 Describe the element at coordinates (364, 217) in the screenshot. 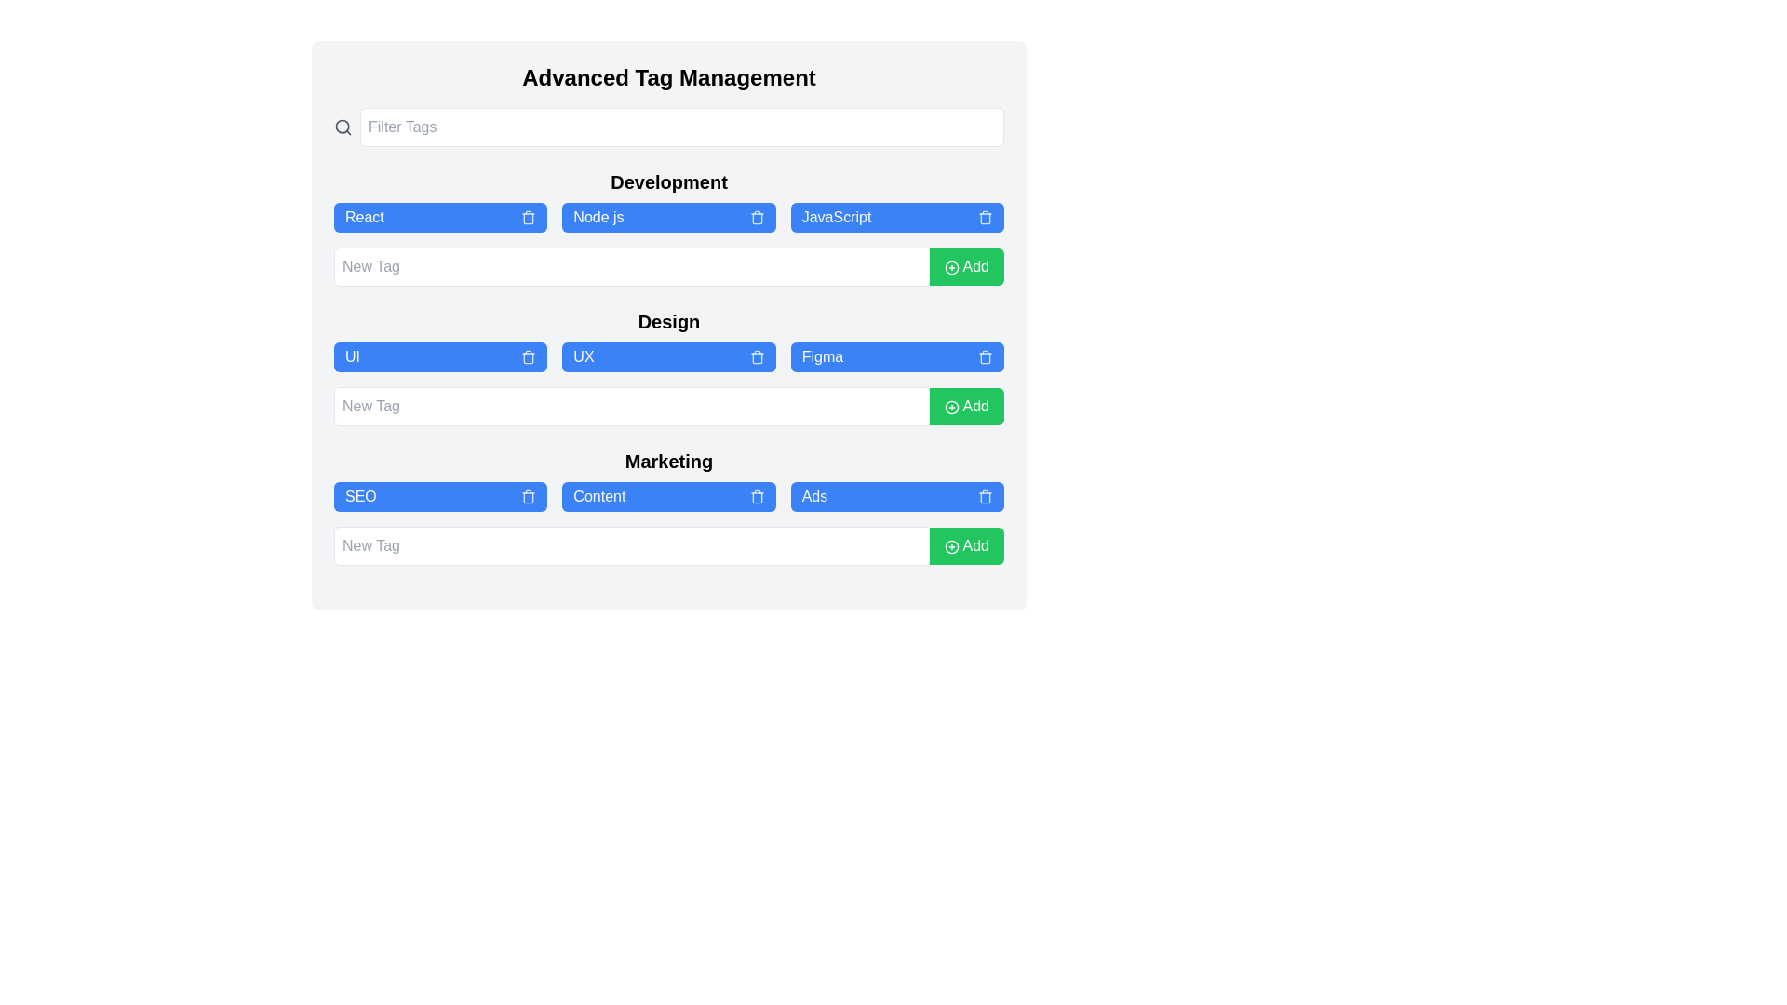

I see `the 'React' tag label` at that location.